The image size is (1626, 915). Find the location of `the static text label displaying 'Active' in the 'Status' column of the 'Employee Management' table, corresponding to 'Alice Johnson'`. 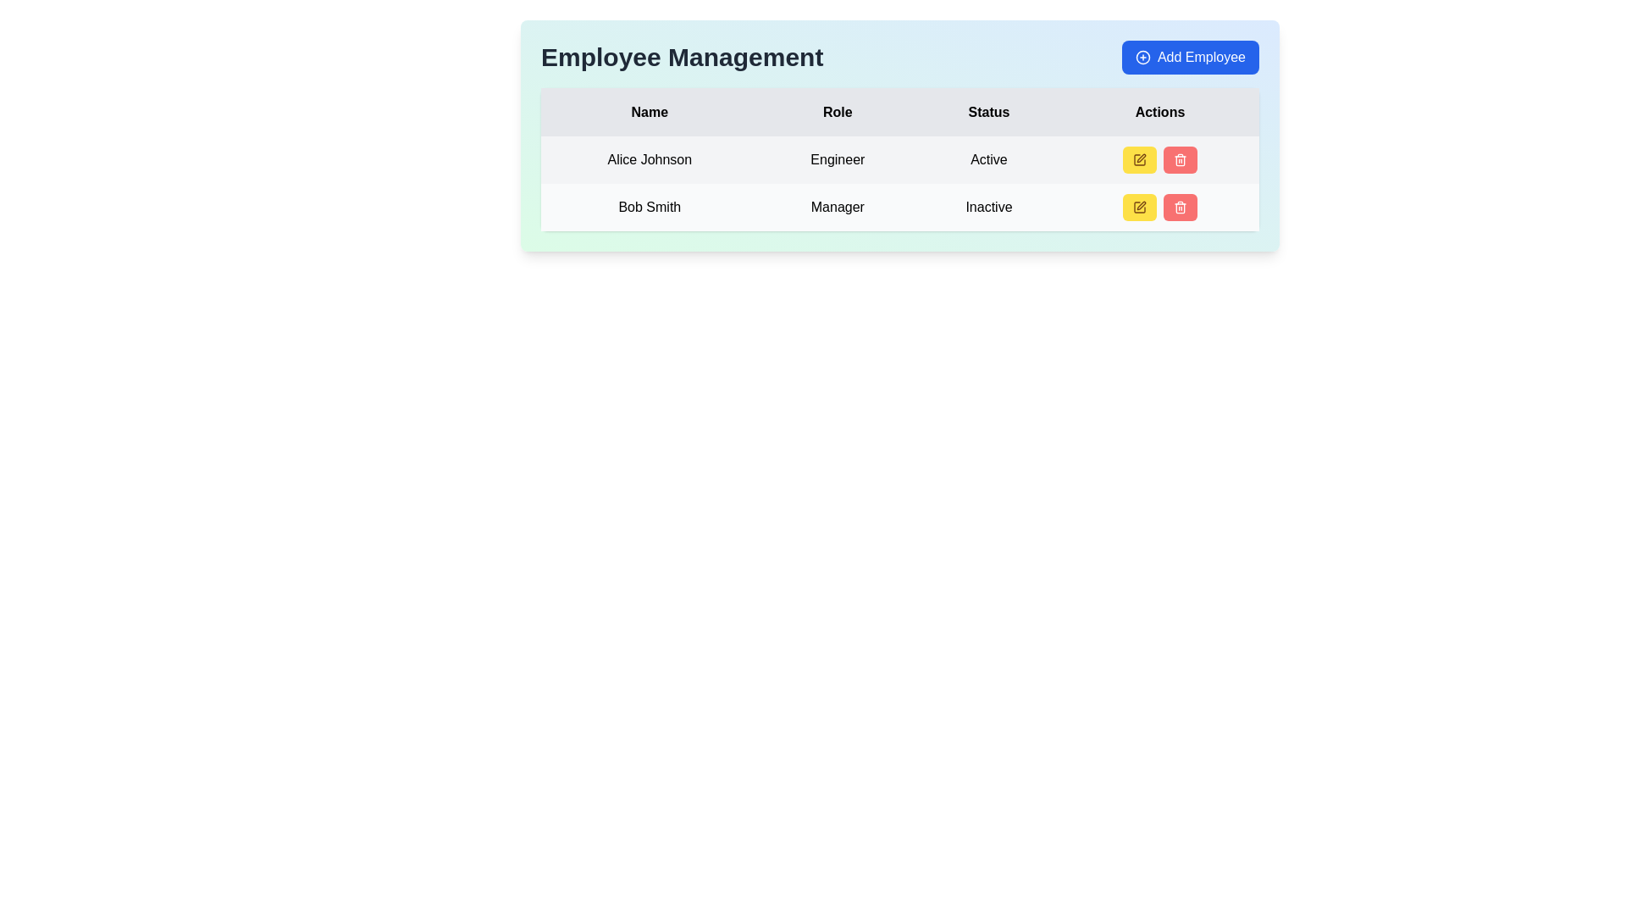

the static text label displaying 'Active' in the 'Status' column of the 'Employee Management' table, corresponding to 'Alice Johnson' is located at coordinates (988, 160).